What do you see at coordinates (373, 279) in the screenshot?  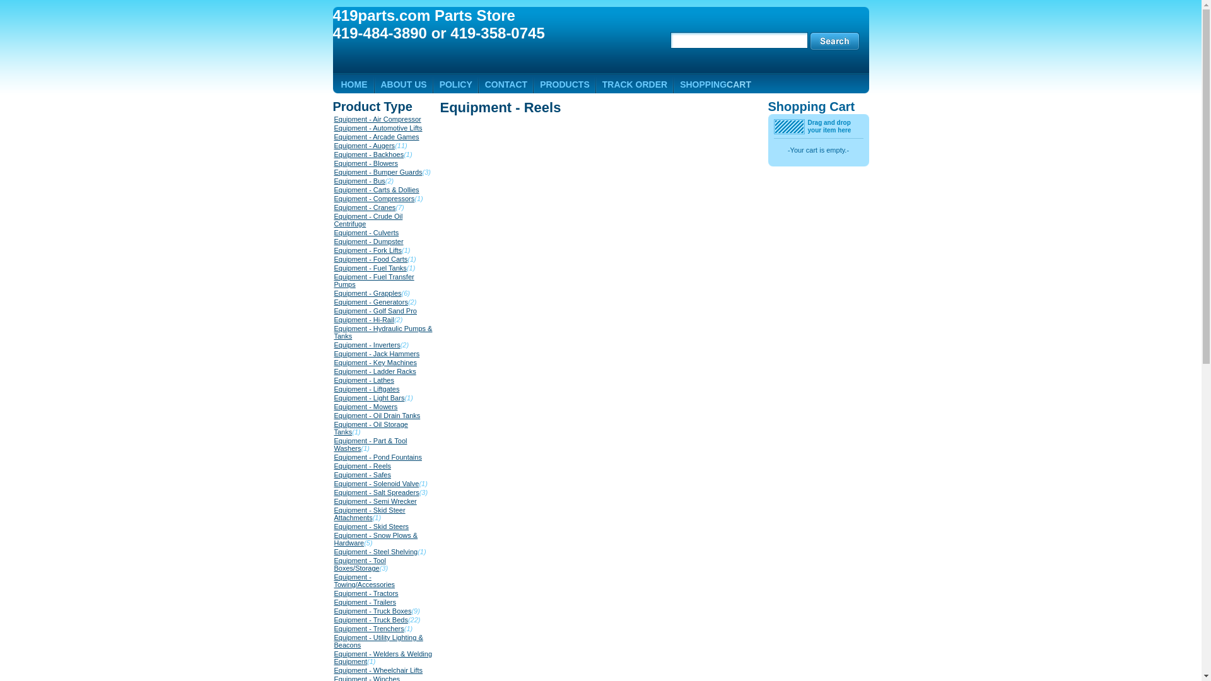 I see `'Equipment - Fuel Transfer Pumps'` at bounding box center [373, 279].